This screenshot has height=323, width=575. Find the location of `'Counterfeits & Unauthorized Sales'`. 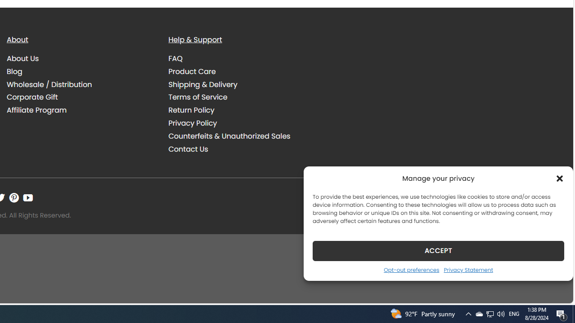

'Counterfeits & Unauthorized Sales' is located at coordinates (229, 136).